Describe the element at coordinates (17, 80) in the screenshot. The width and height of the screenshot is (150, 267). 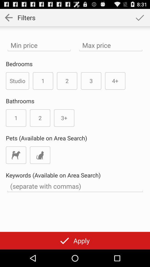
I see `the studio` at that location.